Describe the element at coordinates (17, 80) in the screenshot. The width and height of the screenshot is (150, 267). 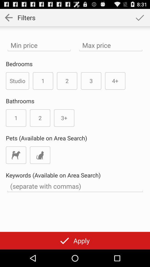
I see `the studio` at that location.